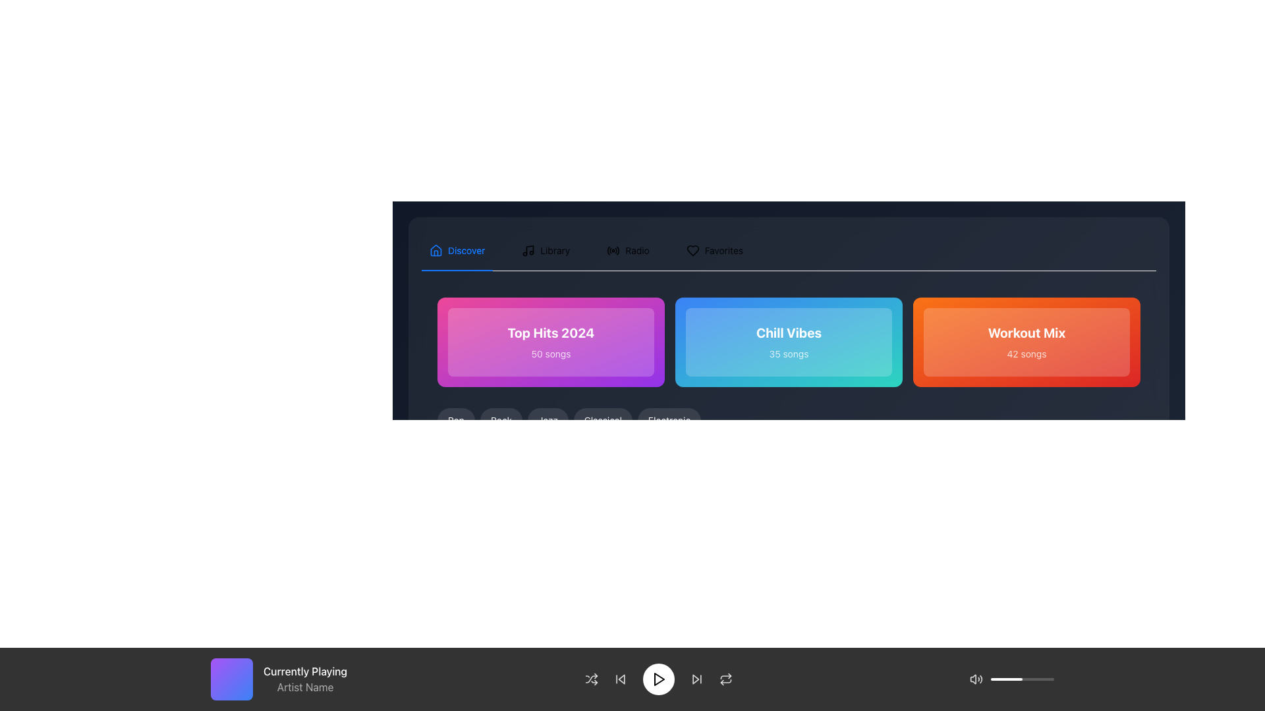 Image resolution: width=1265 pixels, height=711 pixels. I want to click on the media play button located centrally in the bottom control bar, which is the fifth element among similar buttons, so click(658, 679).